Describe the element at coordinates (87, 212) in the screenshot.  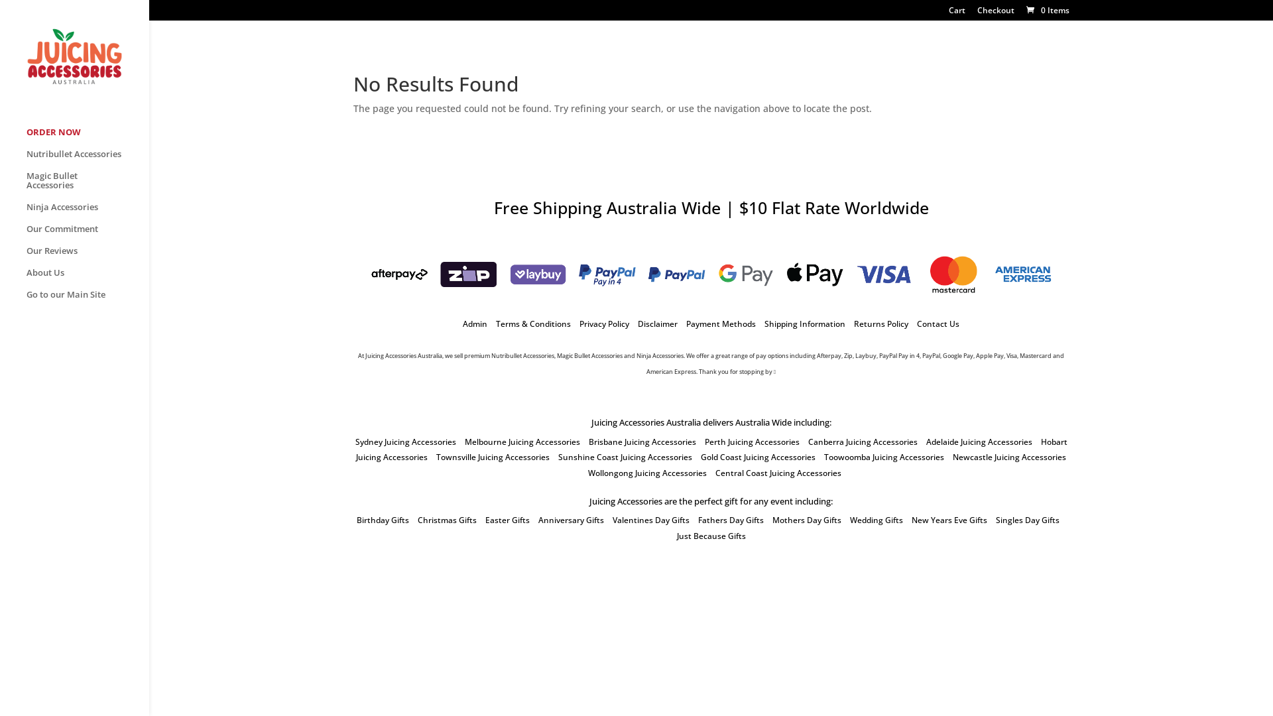
I see `'Ninja Accessories'` at that location.